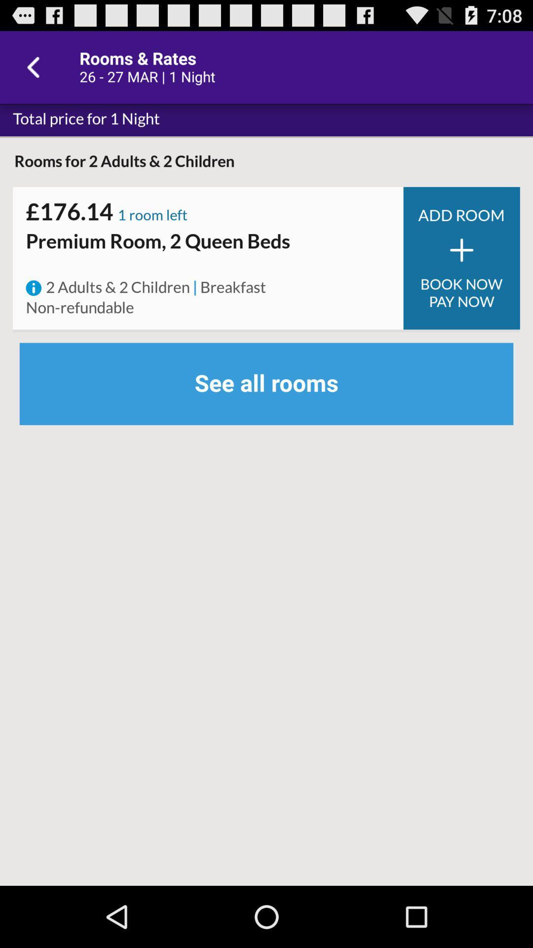 This screenshot has height=948, width=533. What do you see at coordinates (461, 292) in the screenshot?
I see `the item above the see all rooms icon` at bounding box center [461, 292].